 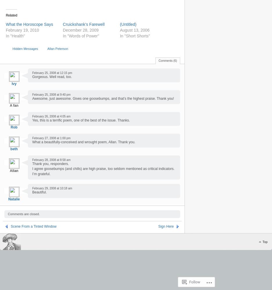 What do you see at coordinates (14, 170) in the screenshot?
I see `'Allan'` at bounding box center [14, 170].